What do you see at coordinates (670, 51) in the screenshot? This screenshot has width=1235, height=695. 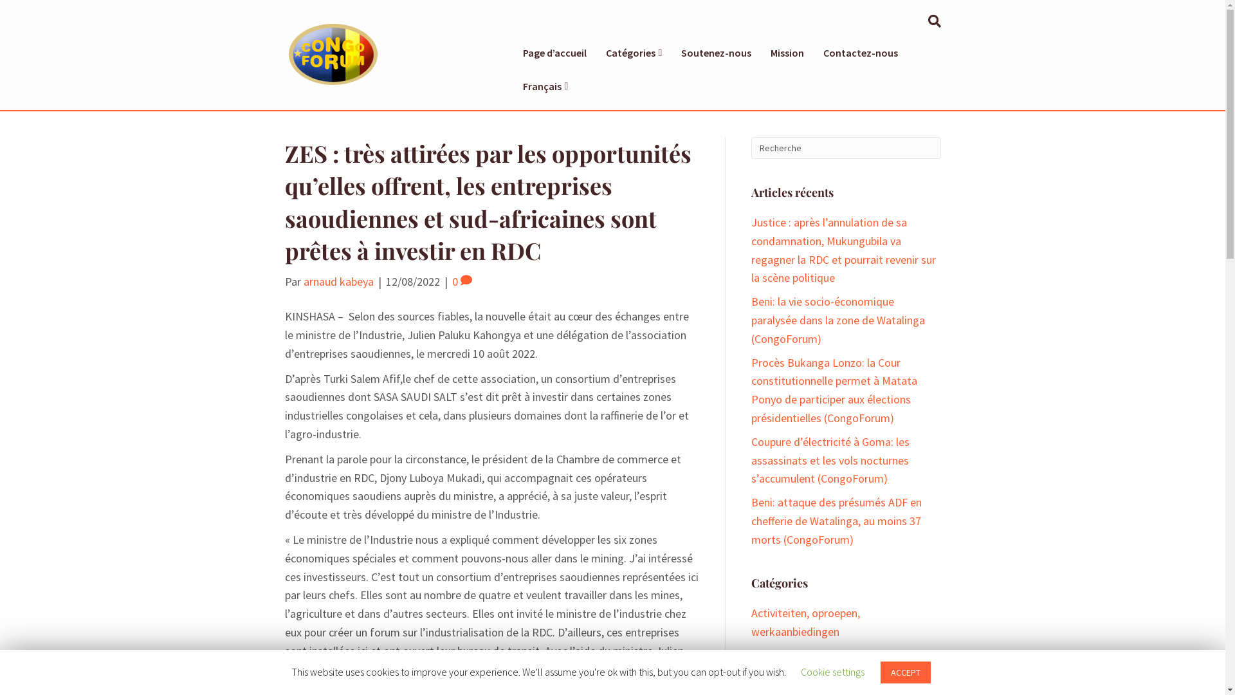 I see `'Soutenez-nous'` at bounding box center [670, 51].